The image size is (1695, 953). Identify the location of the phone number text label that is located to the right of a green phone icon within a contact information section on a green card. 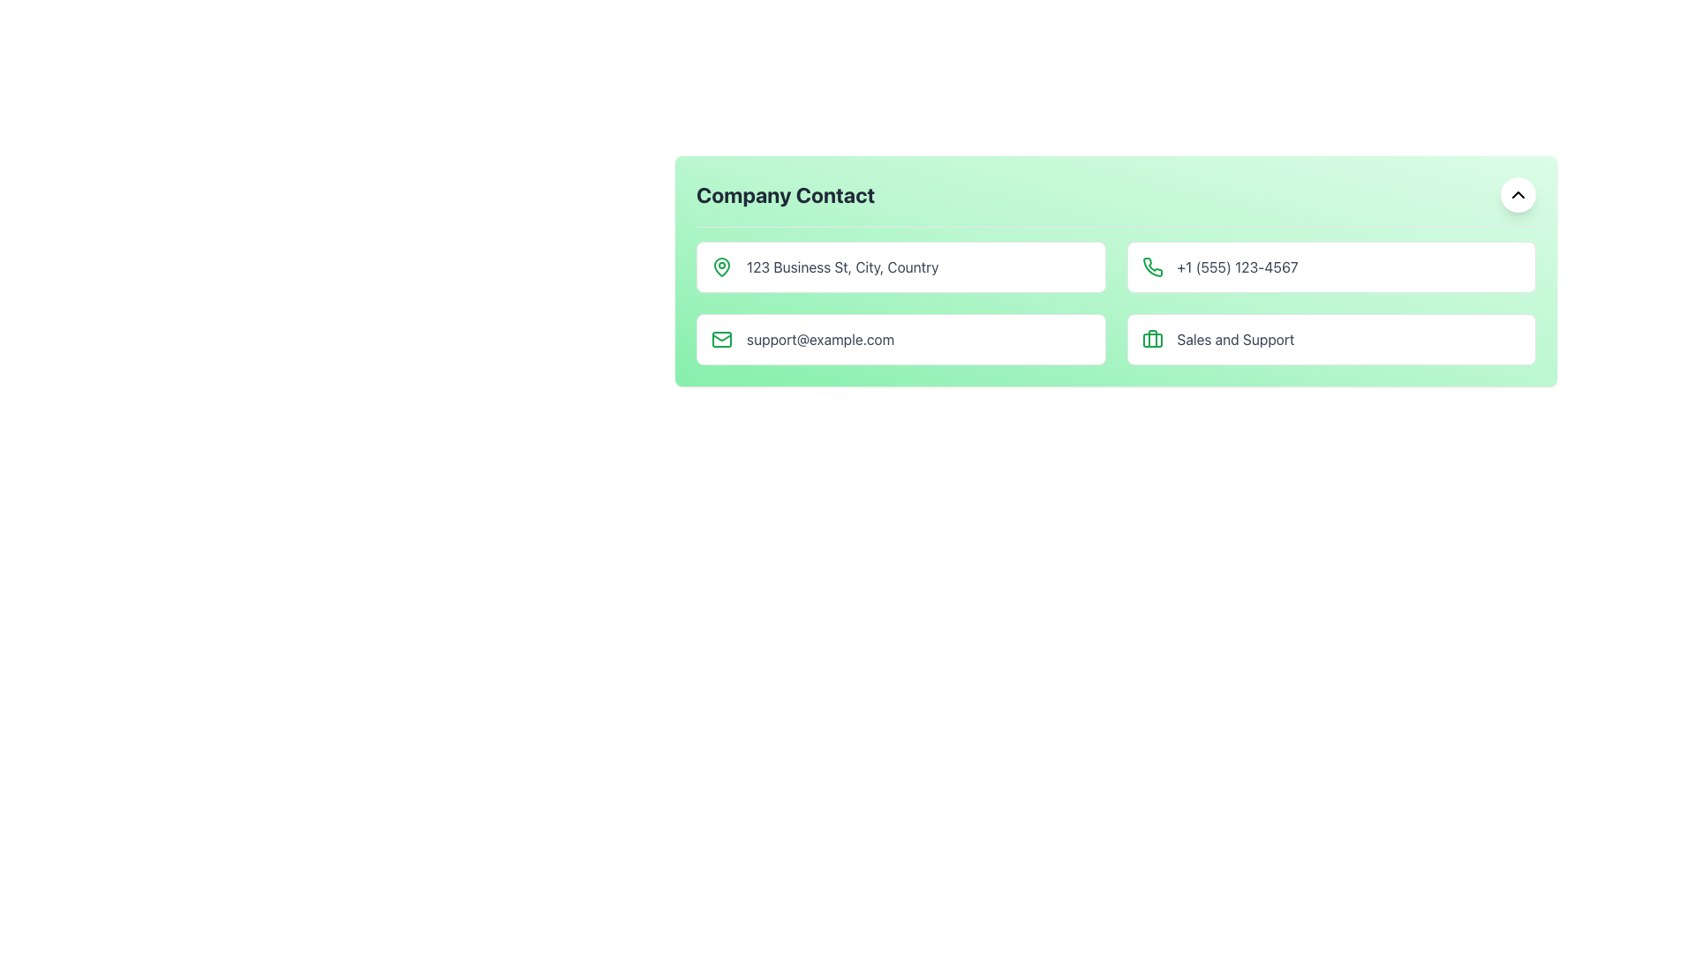
(1237, 267).